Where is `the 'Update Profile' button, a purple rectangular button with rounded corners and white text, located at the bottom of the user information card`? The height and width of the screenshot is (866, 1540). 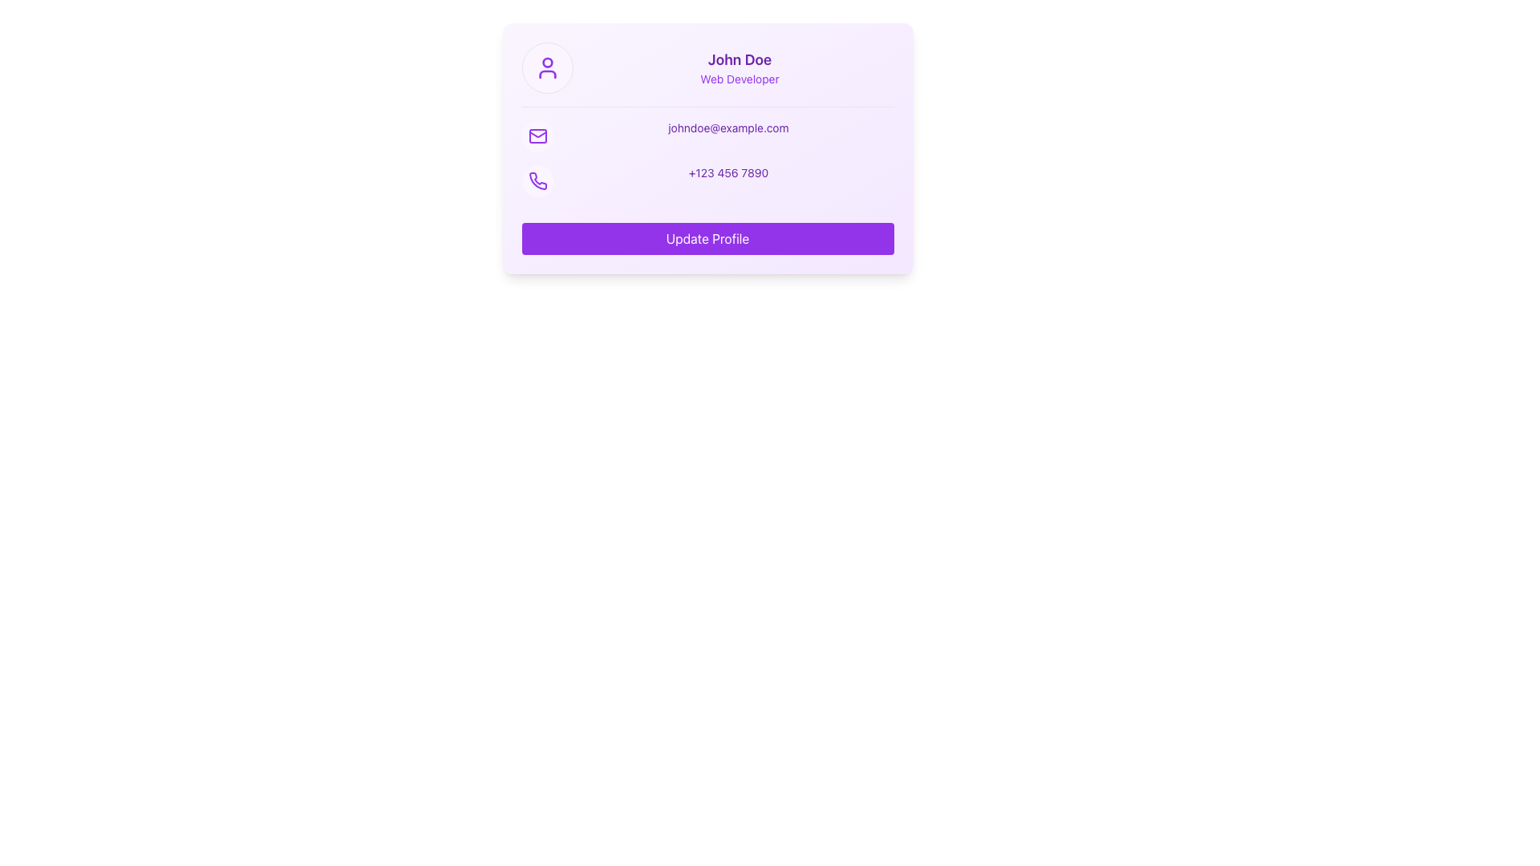 the 'Update Profile' button, a purple rectangular button with rounded corners and white text, located at the bottom of the user information card is located at coordinates (707, 238).